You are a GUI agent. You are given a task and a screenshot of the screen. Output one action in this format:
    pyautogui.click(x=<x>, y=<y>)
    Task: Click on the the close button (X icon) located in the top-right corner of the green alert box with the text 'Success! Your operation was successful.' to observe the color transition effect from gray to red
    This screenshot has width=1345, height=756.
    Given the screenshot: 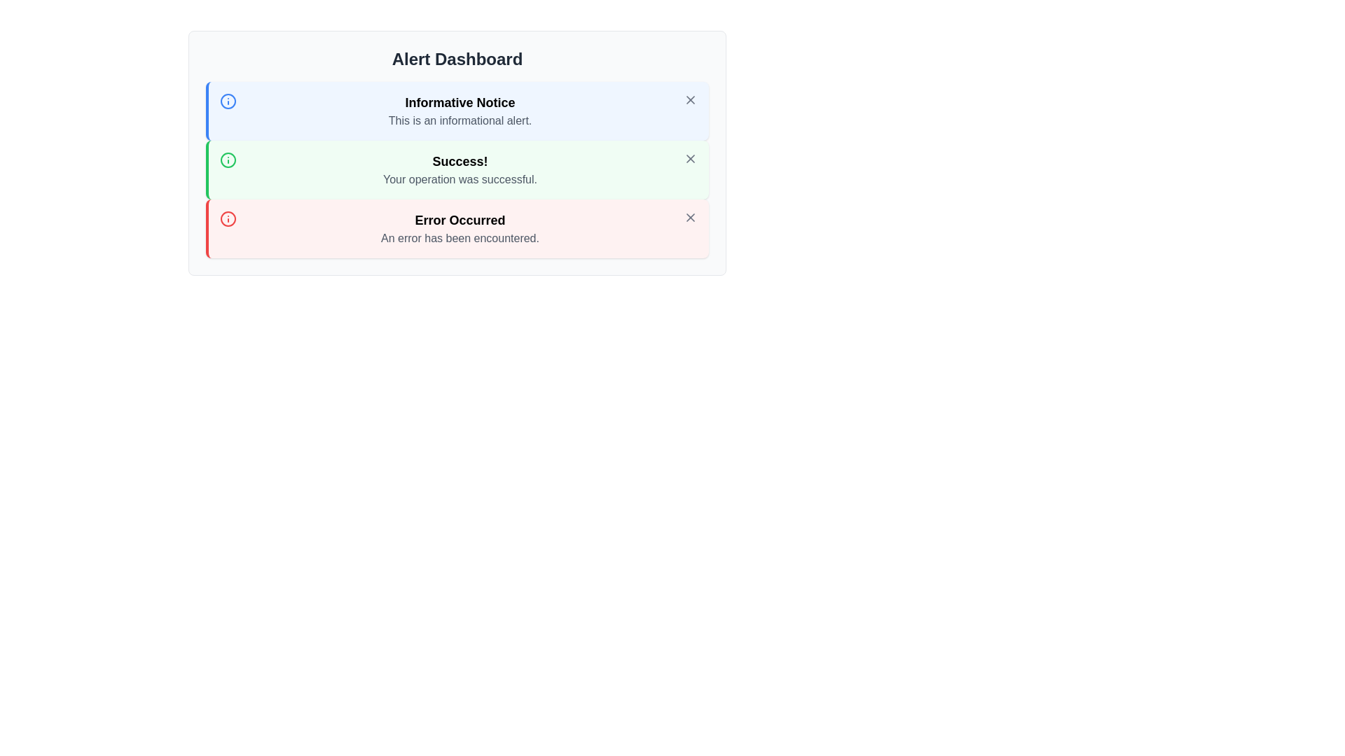 What is the action you would take?
    pyautogui.click(x=690, y=158)
    